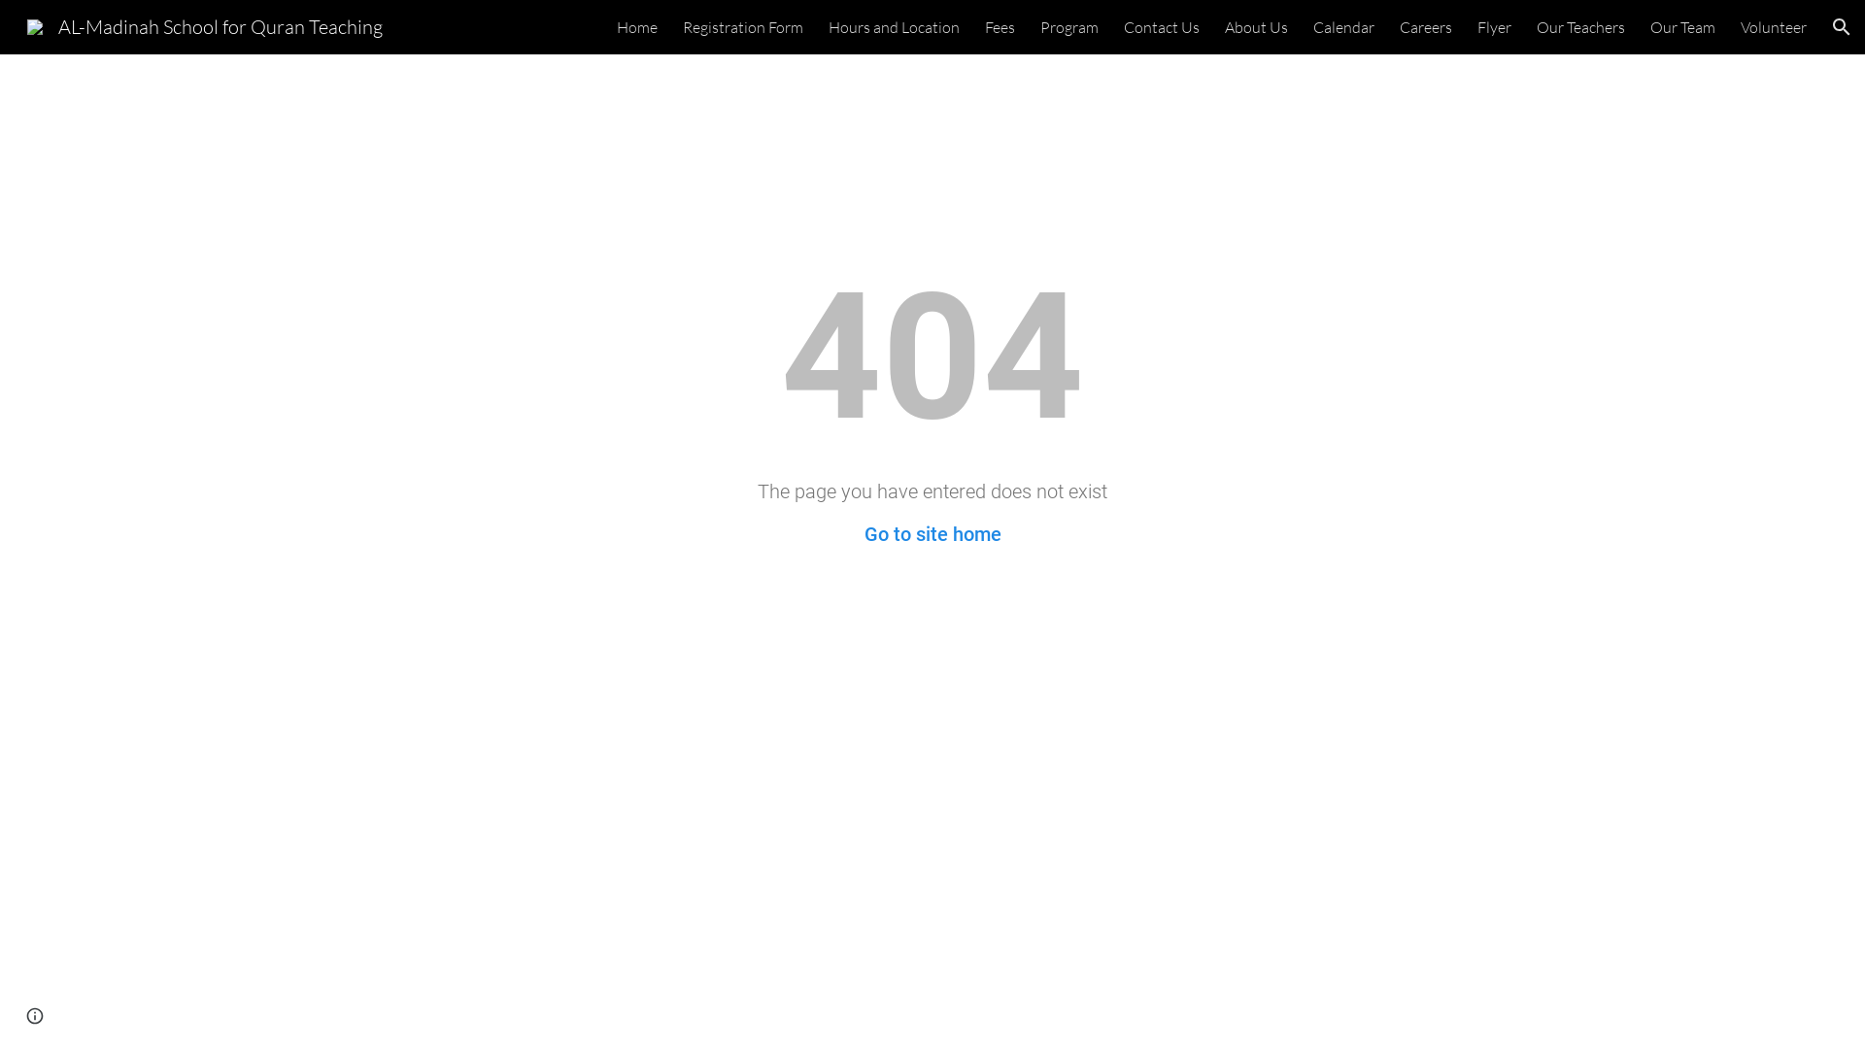  I want to click on 'Contact Us', so click(1161, 26).